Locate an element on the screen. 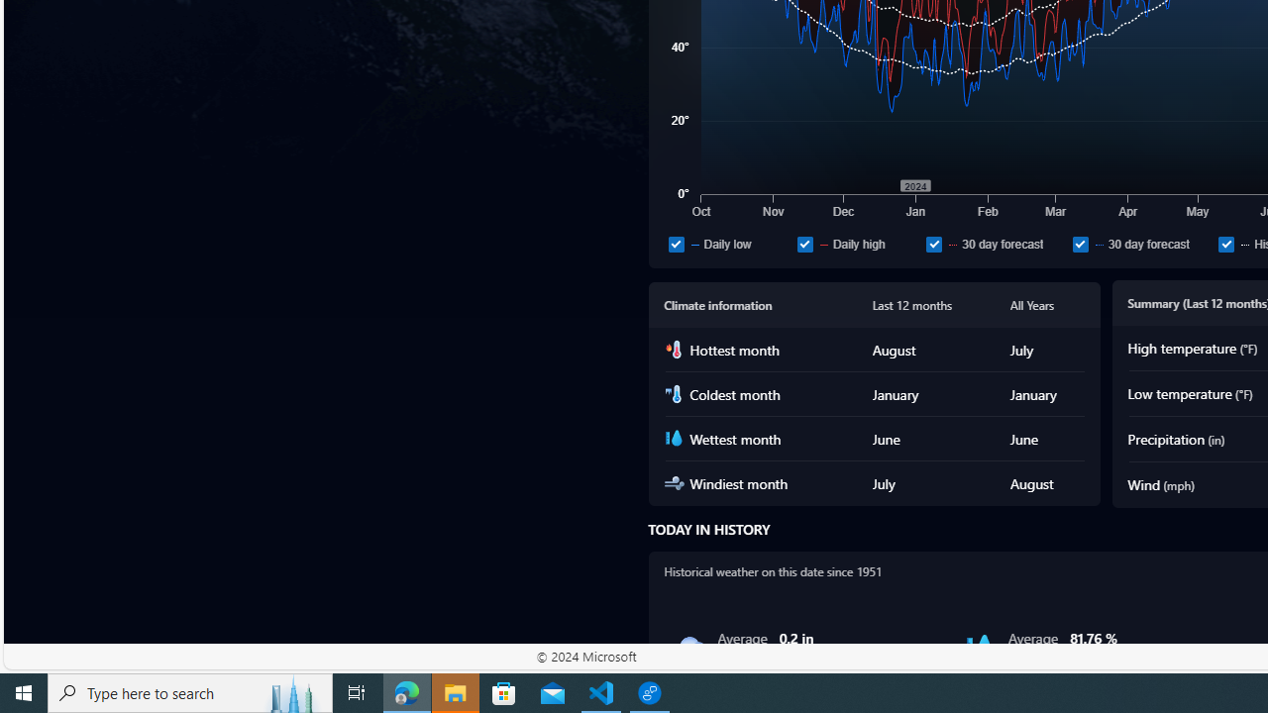 The image size is (1268, 713). 'Daily low' is located at coordinates (676, 243).